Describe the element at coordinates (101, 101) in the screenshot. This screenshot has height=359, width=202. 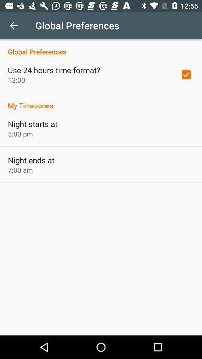
I see `the my timezones icon` at that location.